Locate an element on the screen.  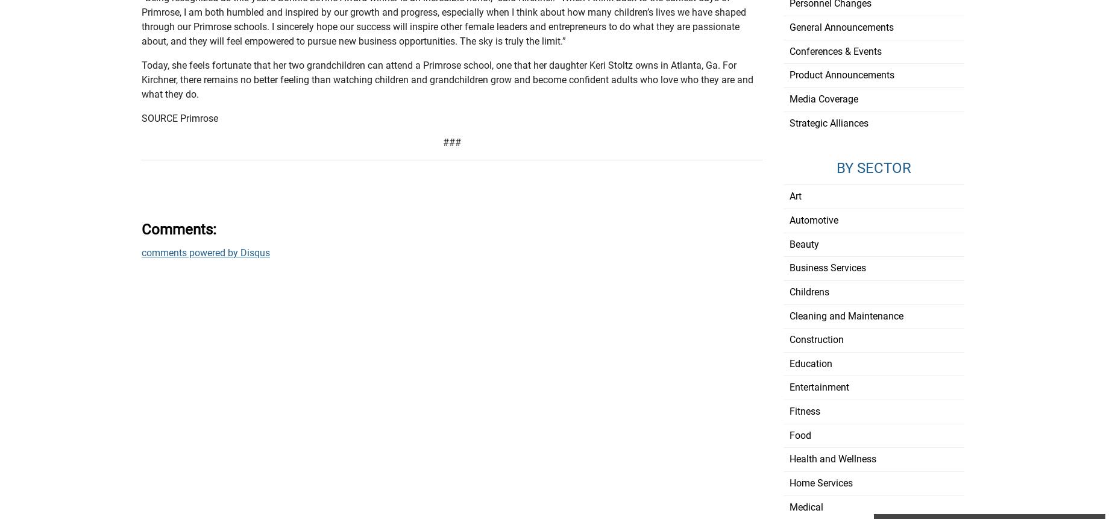
'Strategic Alliances' is located at coordinates (828, 122).